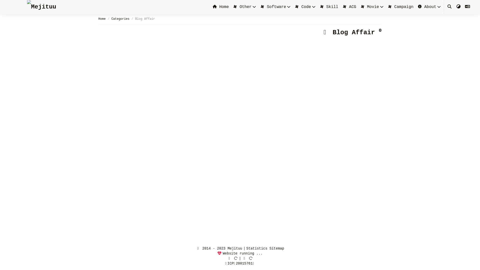  I want to click on 'Mejituu', so click(41, 7).